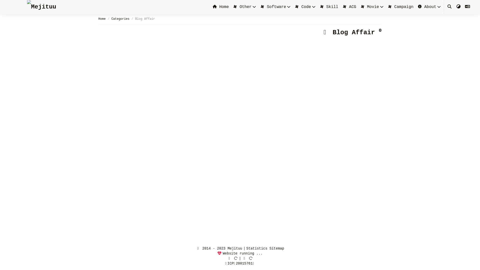  I want to click on 'Mejituu', so click(41, 7).